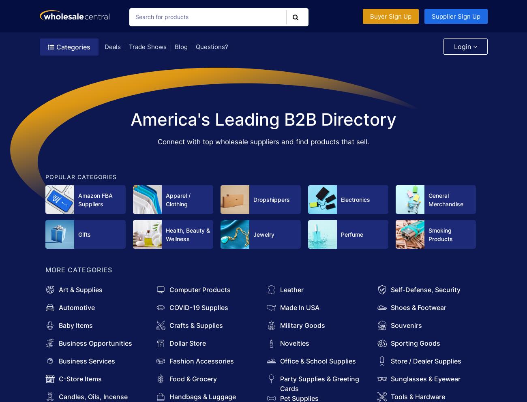  What do you see at coordinates (263, 234) in the screenshot?
I see `'Jewelry'` at bounding box center [263, 234].